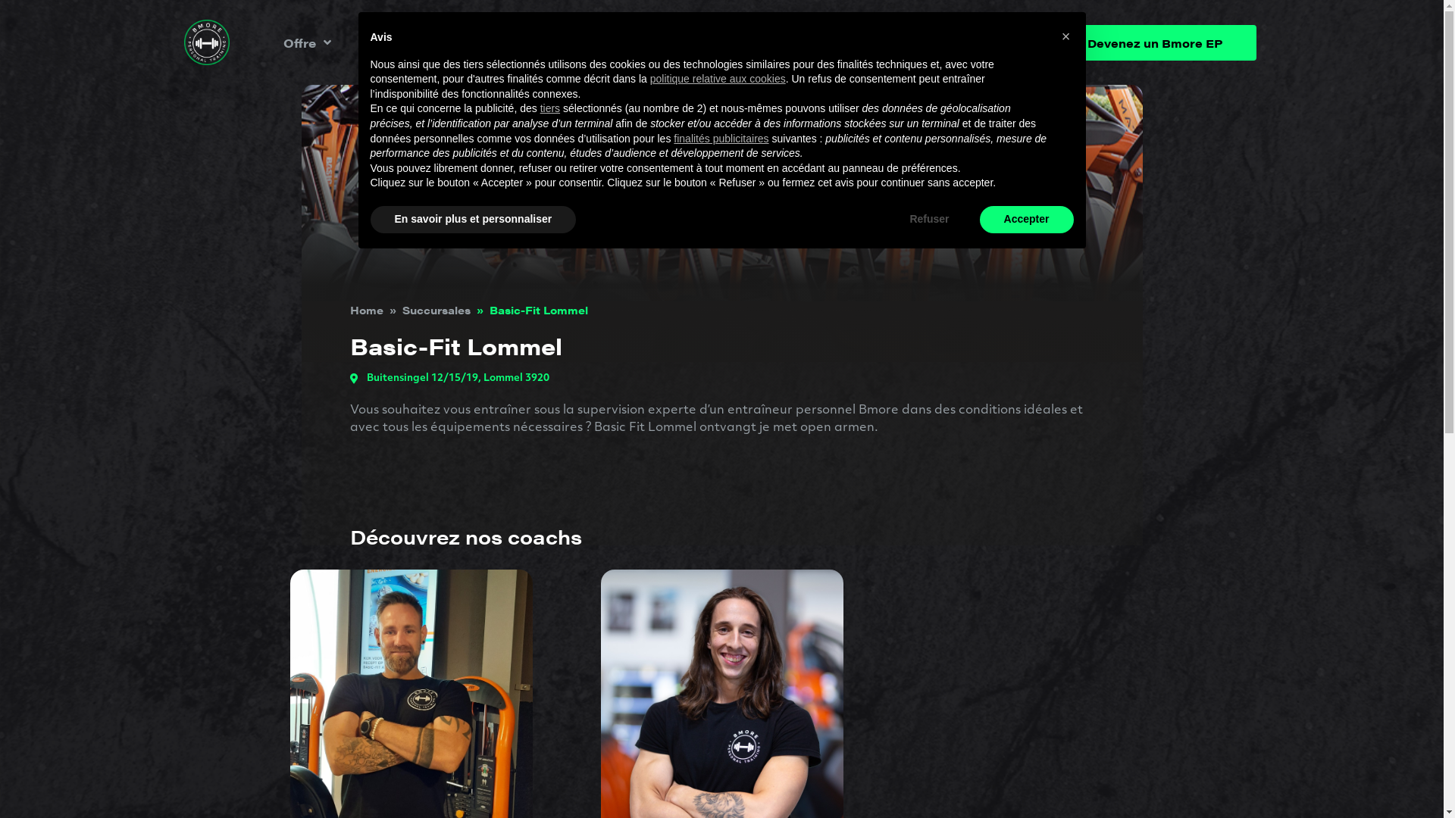 The image size is (1455, 818). I want to click on 'Refuser', so click(928, 219).